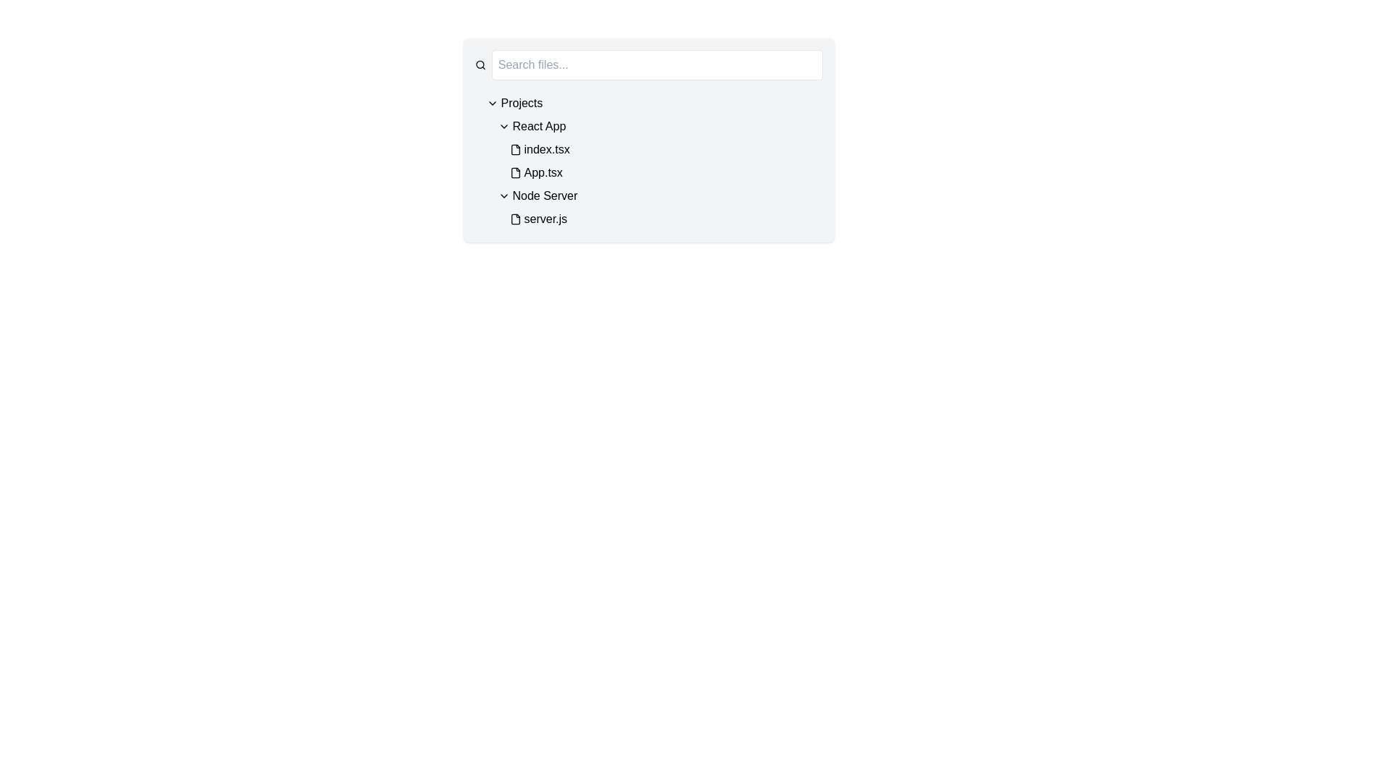 This screenshot has width=1391, height=782. I want to click on the icon representing the 'index.tsx' file, so click(515, 150).